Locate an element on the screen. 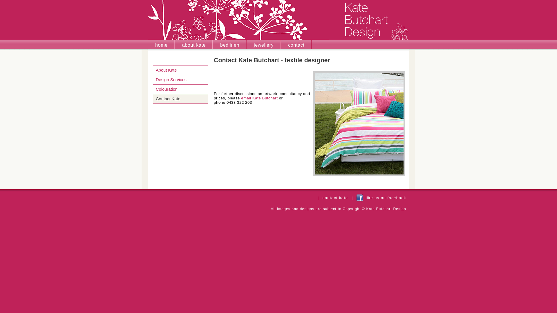 The height and width of the screenshot is (313, 557). 'home' is located at coordinates (148, 44).